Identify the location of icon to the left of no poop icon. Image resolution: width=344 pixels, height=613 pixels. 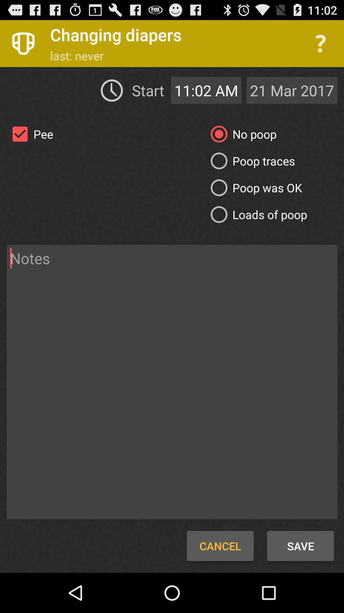
(30, 134).